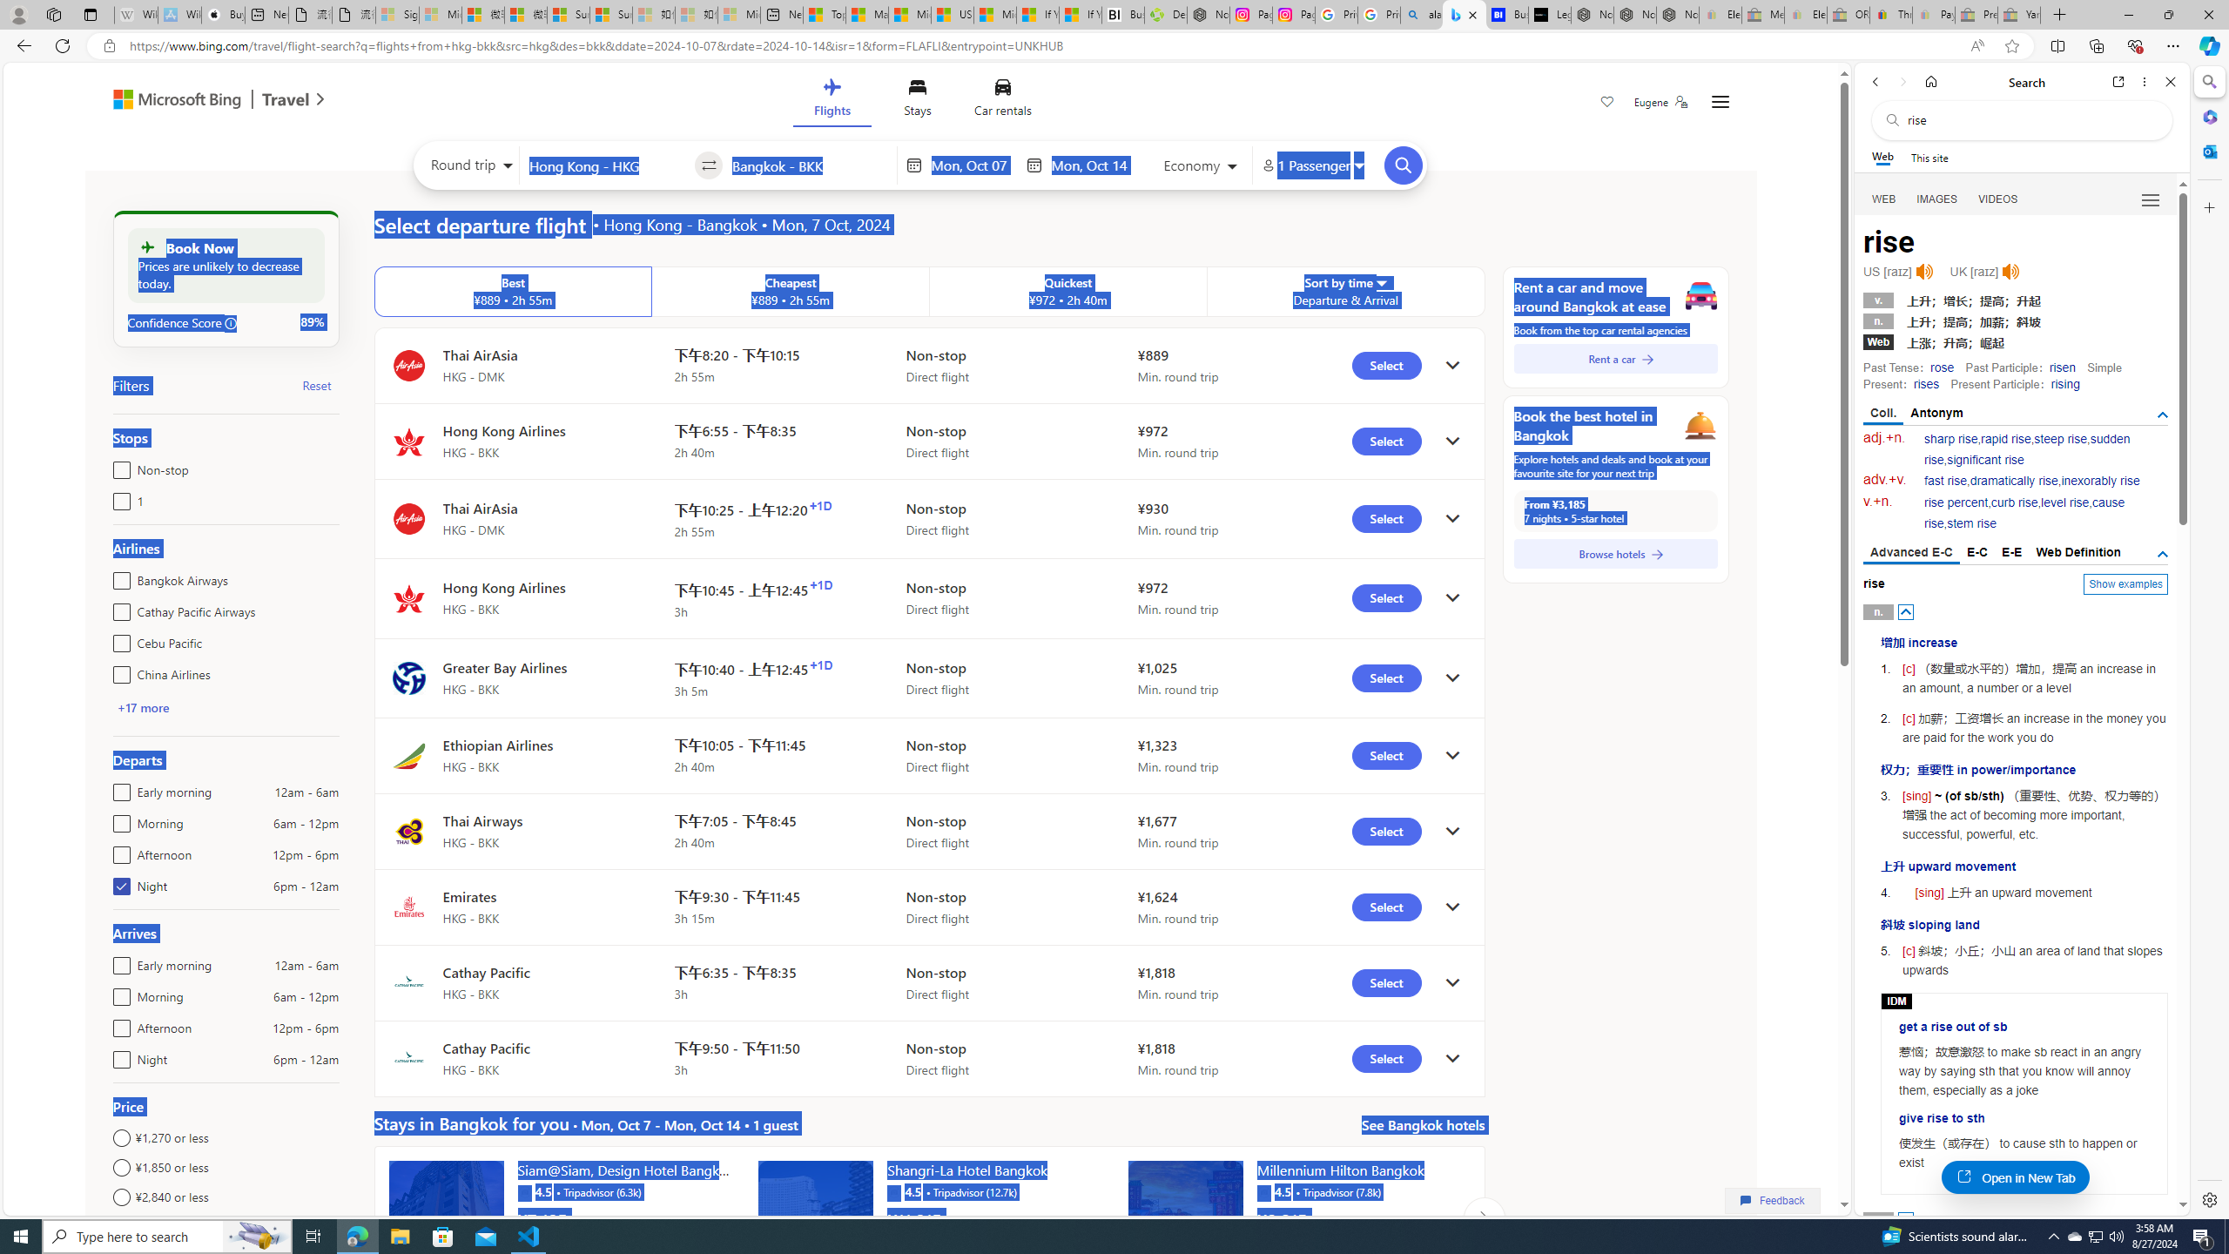 This screenshot has width=2229, height=1254. I want to click on 'AutomationID: posbtn_0', so click(1906, 610).